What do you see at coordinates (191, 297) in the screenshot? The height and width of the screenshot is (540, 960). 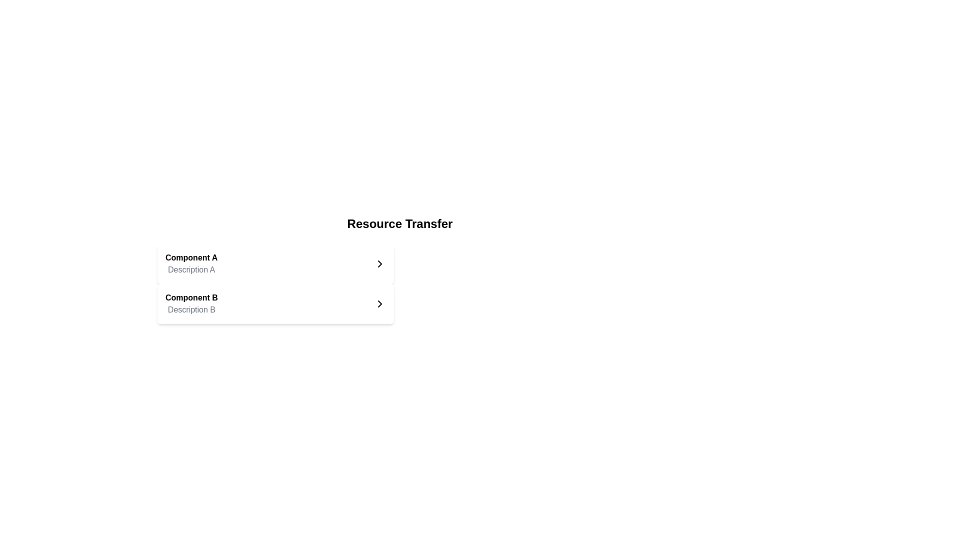 I see `the Text label that serves as the title for the second entry in the list, positioned between 'Component A' and 'Description B'` at bounding box center [191, 297].